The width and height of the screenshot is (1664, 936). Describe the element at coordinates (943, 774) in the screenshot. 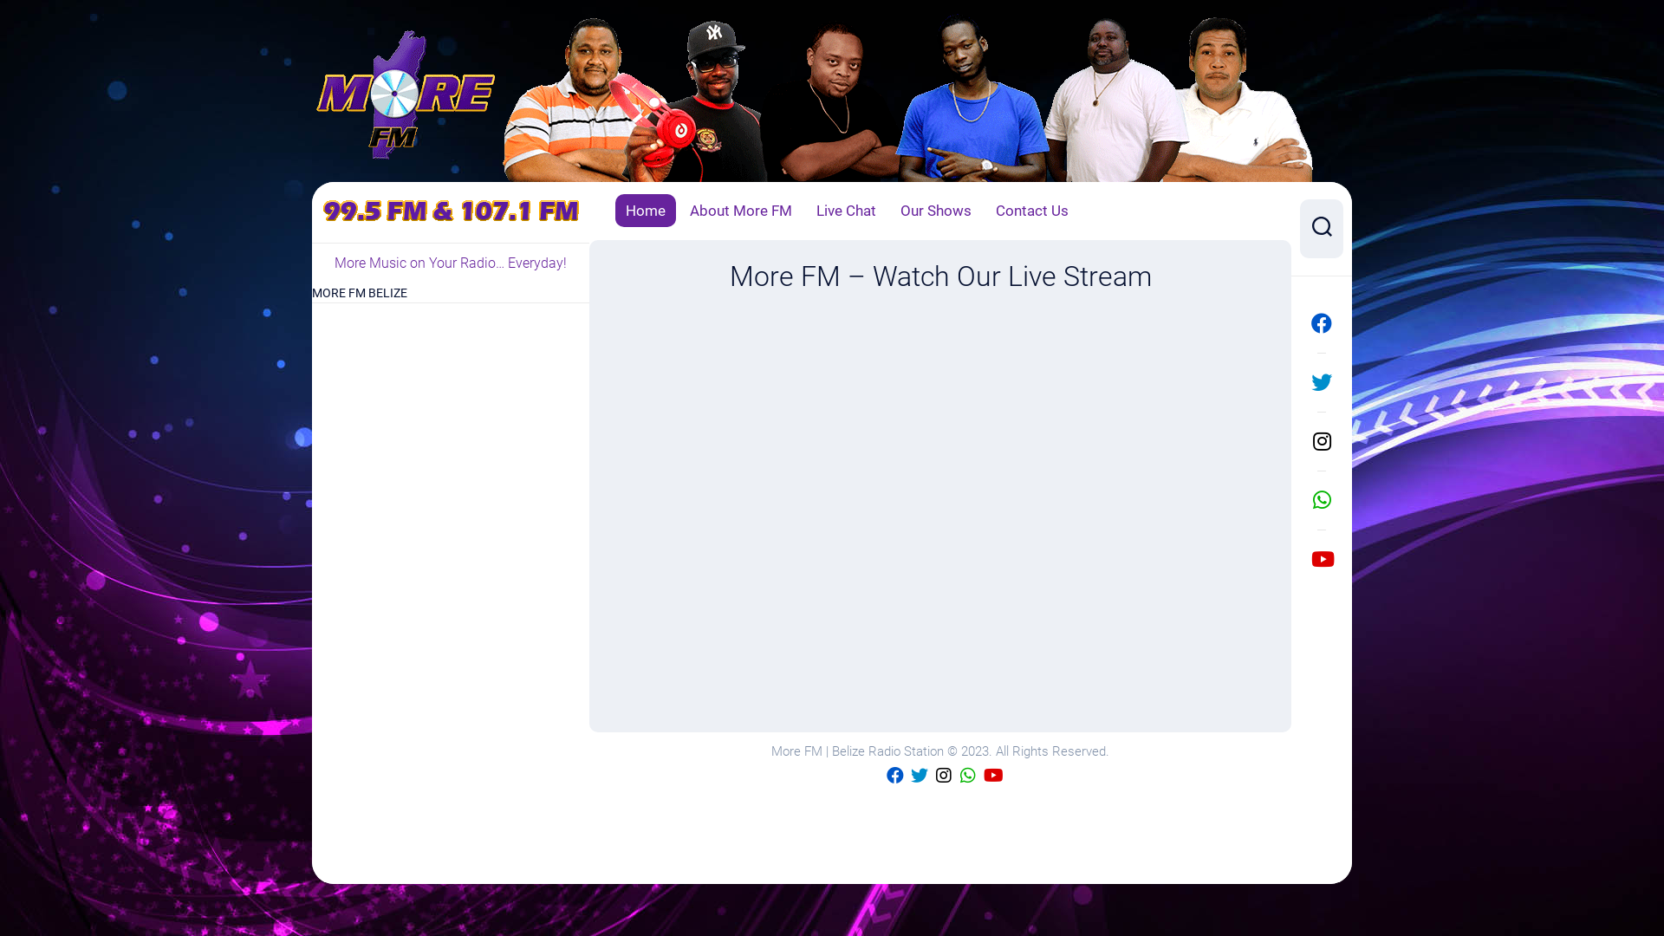

I see `'Instagram'` at that location.